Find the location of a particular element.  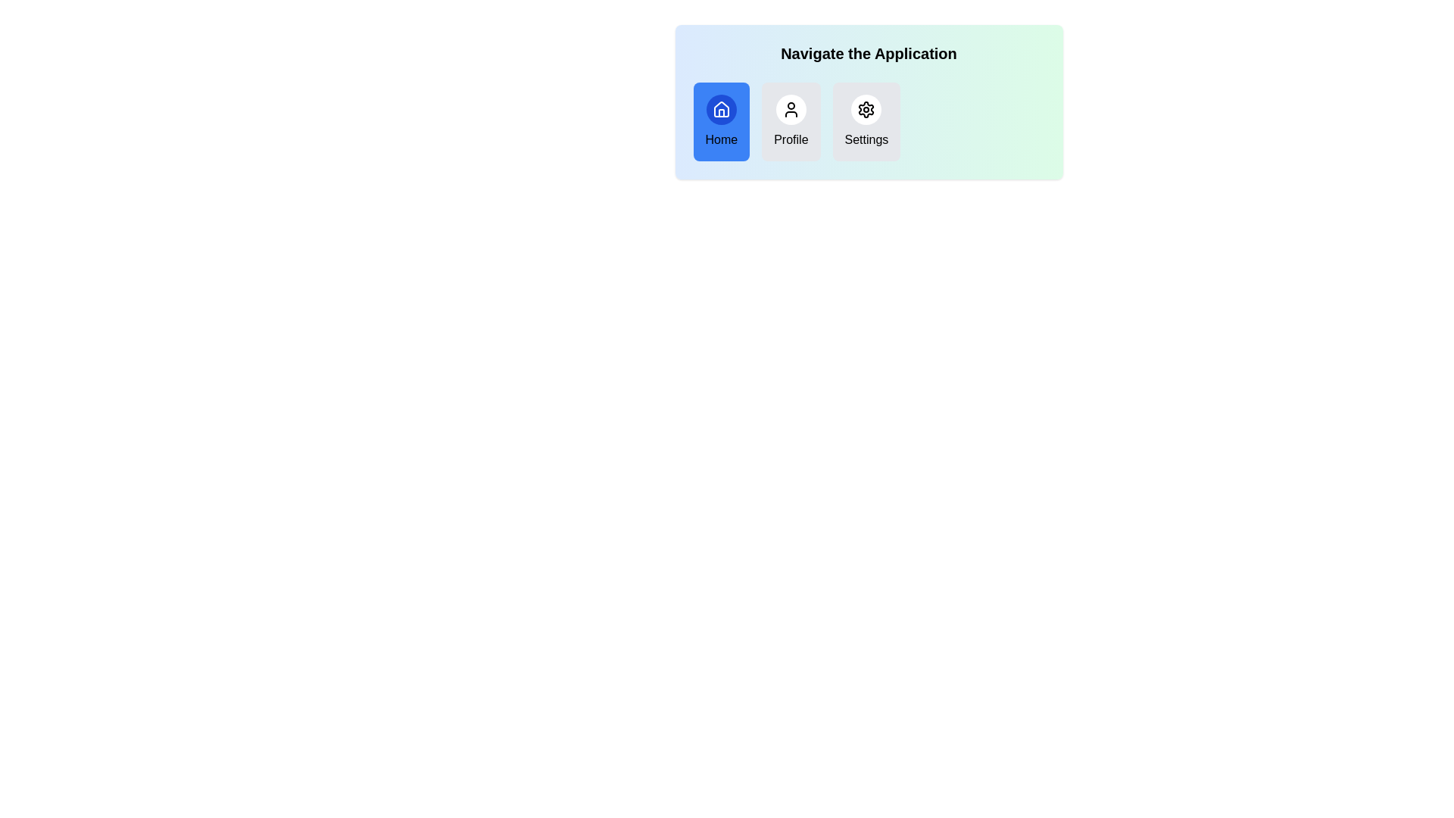

the navigation item Home is located at coordinates (720, 121).